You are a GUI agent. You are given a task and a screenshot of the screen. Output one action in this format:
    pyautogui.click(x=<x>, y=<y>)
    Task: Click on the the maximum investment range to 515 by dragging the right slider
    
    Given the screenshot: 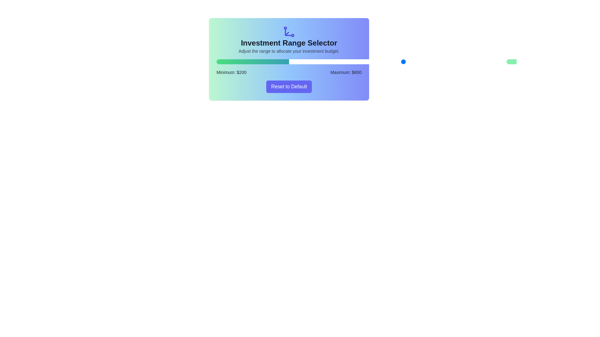 What is the action you would take?
    pyautogui.click(x=365, y=61)
    